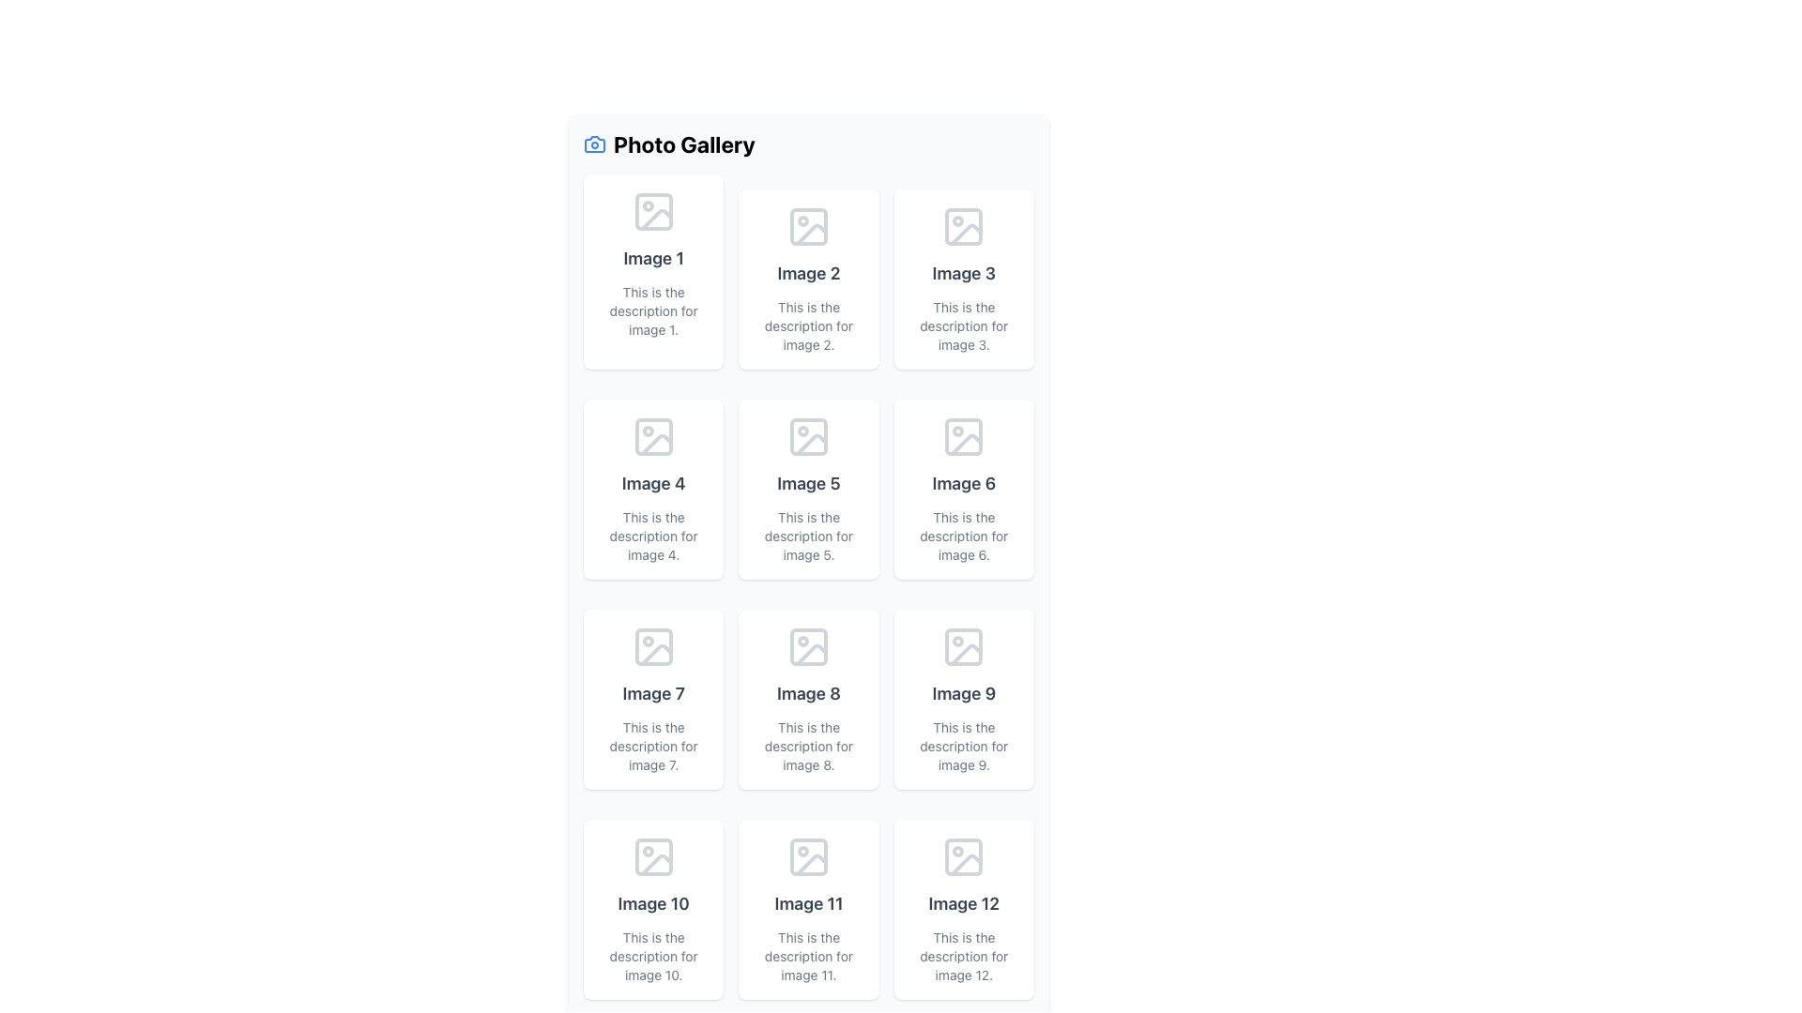 The height and width of the screenshot is (1013, 1802). Describe the element at coordinates (653, 903) in the screenshot. I see `the text label 'Image 10', which is styled in large, bold, dark gray font, located in the fourth row and first column of the photo gallery` at that location.